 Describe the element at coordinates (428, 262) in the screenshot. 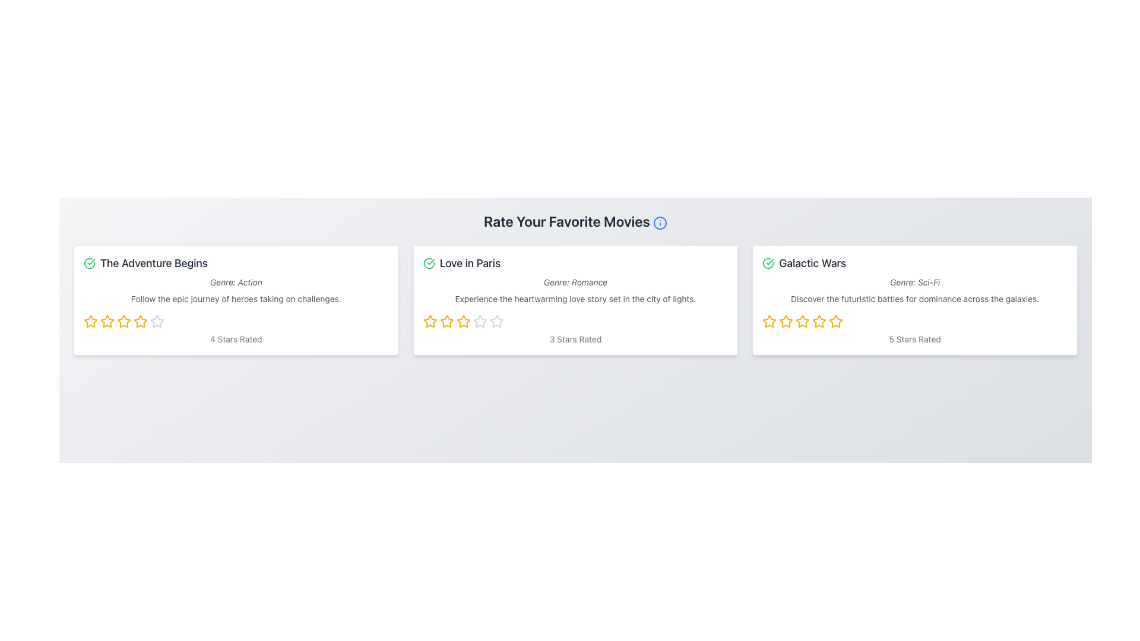

I see `the circular checkmark icon with a green hue and thin black outline, located to the left of the text 'Love in Paris' in the middle card of three horizontally aligned cards` at that location.